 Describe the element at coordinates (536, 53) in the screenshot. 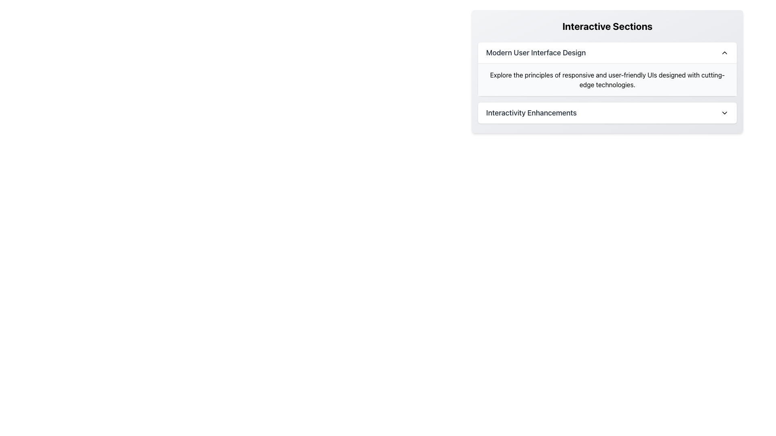

I see `the static text label that serves as a title for the collapsible section, located at the top of the interactive section` at that location.